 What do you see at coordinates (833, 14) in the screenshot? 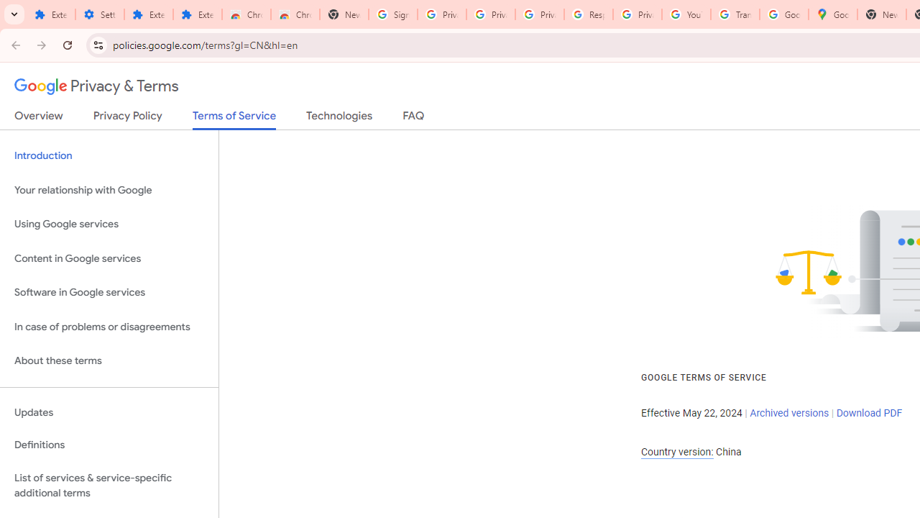
I see `'Google Maps'` at bounding box center [833, 14].